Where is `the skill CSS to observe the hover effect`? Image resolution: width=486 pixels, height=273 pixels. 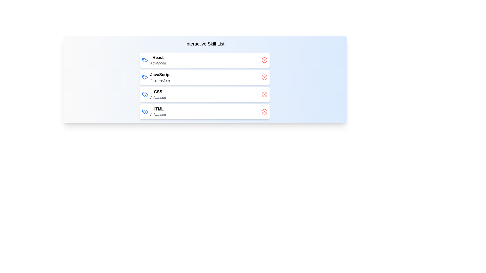 the skill CSS to observe the hover effect is located at coordinates (205, 95).